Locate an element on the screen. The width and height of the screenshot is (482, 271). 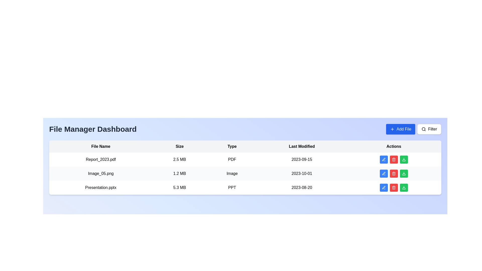
the third row of the table is located at coordinates (245, 188).